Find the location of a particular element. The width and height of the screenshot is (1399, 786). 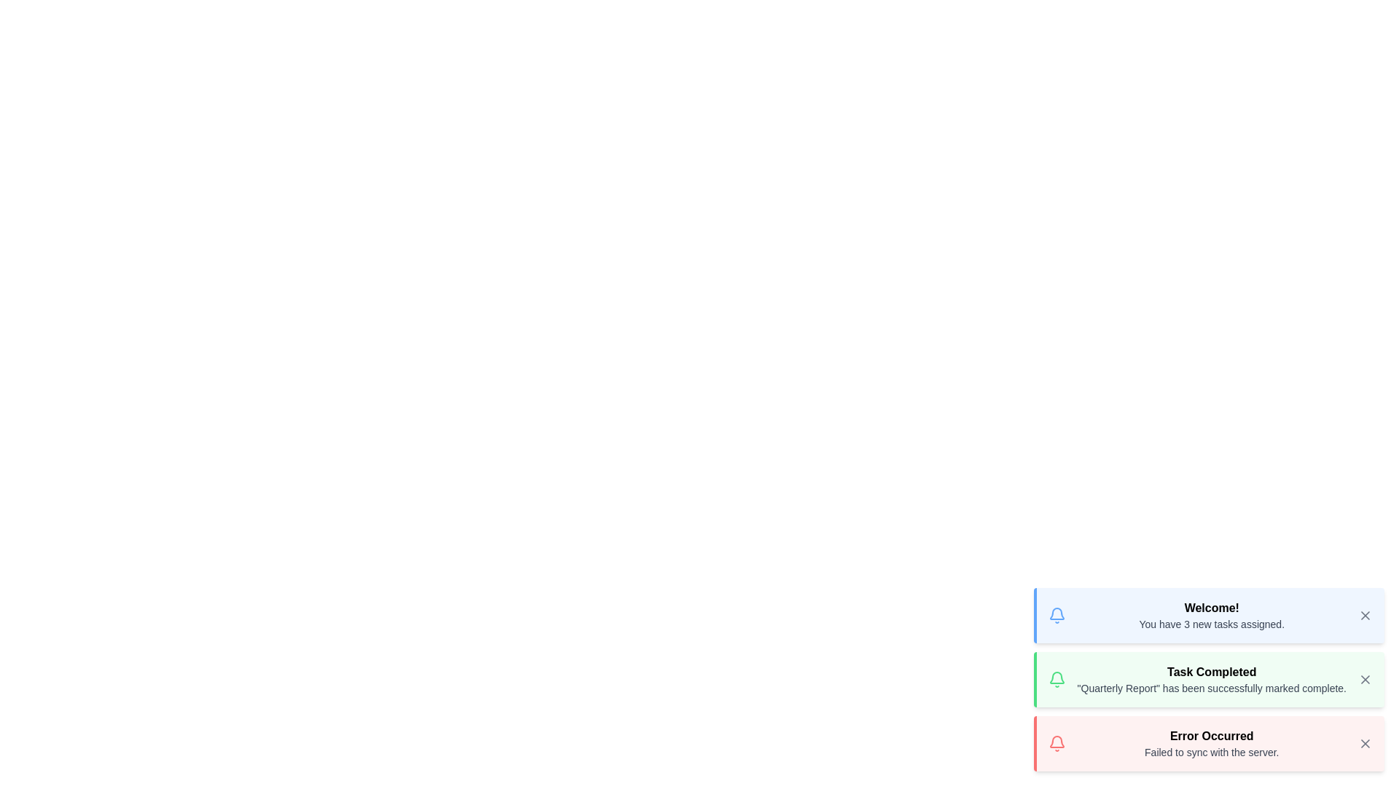

the 'X' close button located at the top-right corner of the 'Error Occurred' notification panel is located at coordinates (1364, 744).